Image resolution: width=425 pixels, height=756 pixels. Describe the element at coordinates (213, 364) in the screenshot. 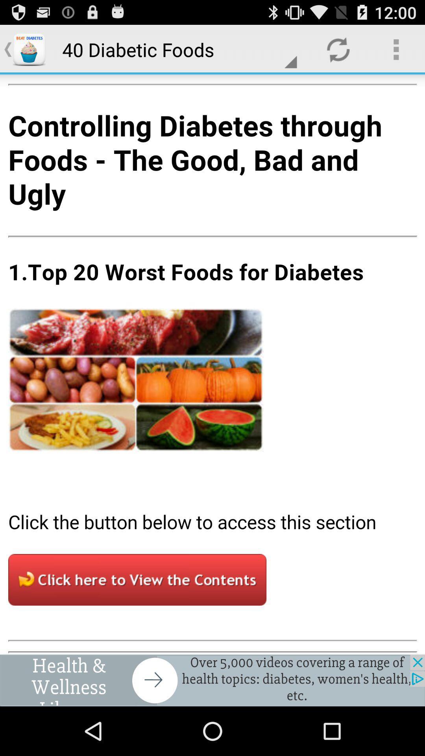

I see `article in middle` at that location.